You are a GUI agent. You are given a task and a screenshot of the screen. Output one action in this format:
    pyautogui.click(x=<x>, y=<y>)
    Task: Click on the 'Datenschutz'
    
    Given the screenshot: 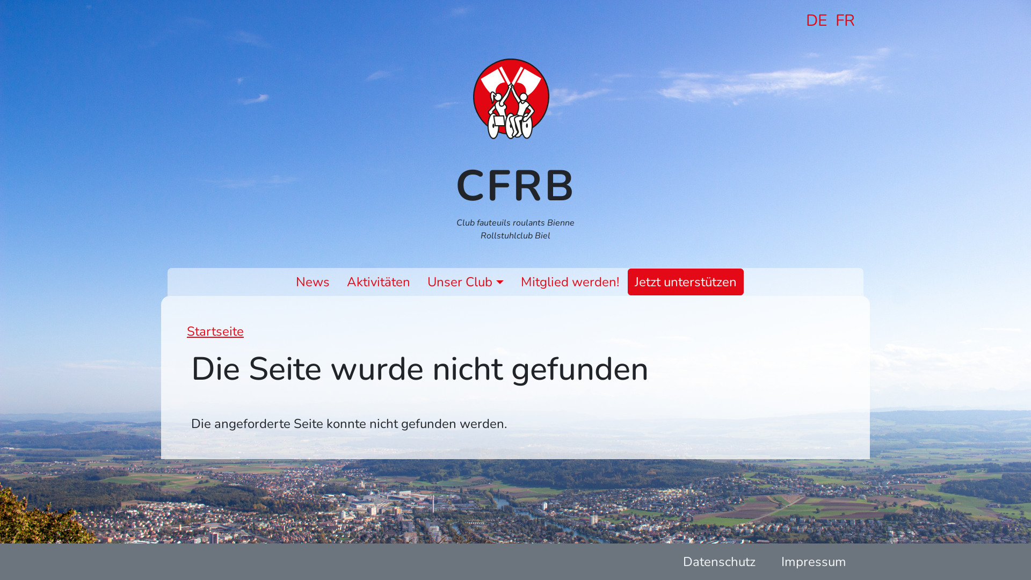 What is the action you would take?
    pyautogui.click(x=719, y=561)
    